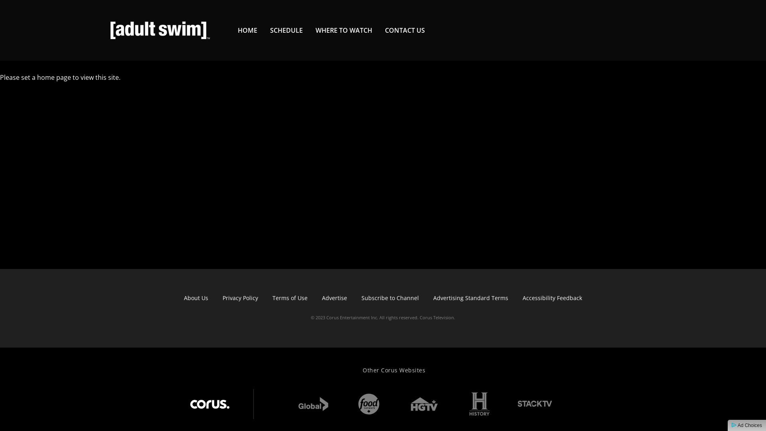 This screenshot has width=766, height=431. Describe the element at coordinates (746, 425) in the screenshot. I see `'Ad Choices'` at that location.